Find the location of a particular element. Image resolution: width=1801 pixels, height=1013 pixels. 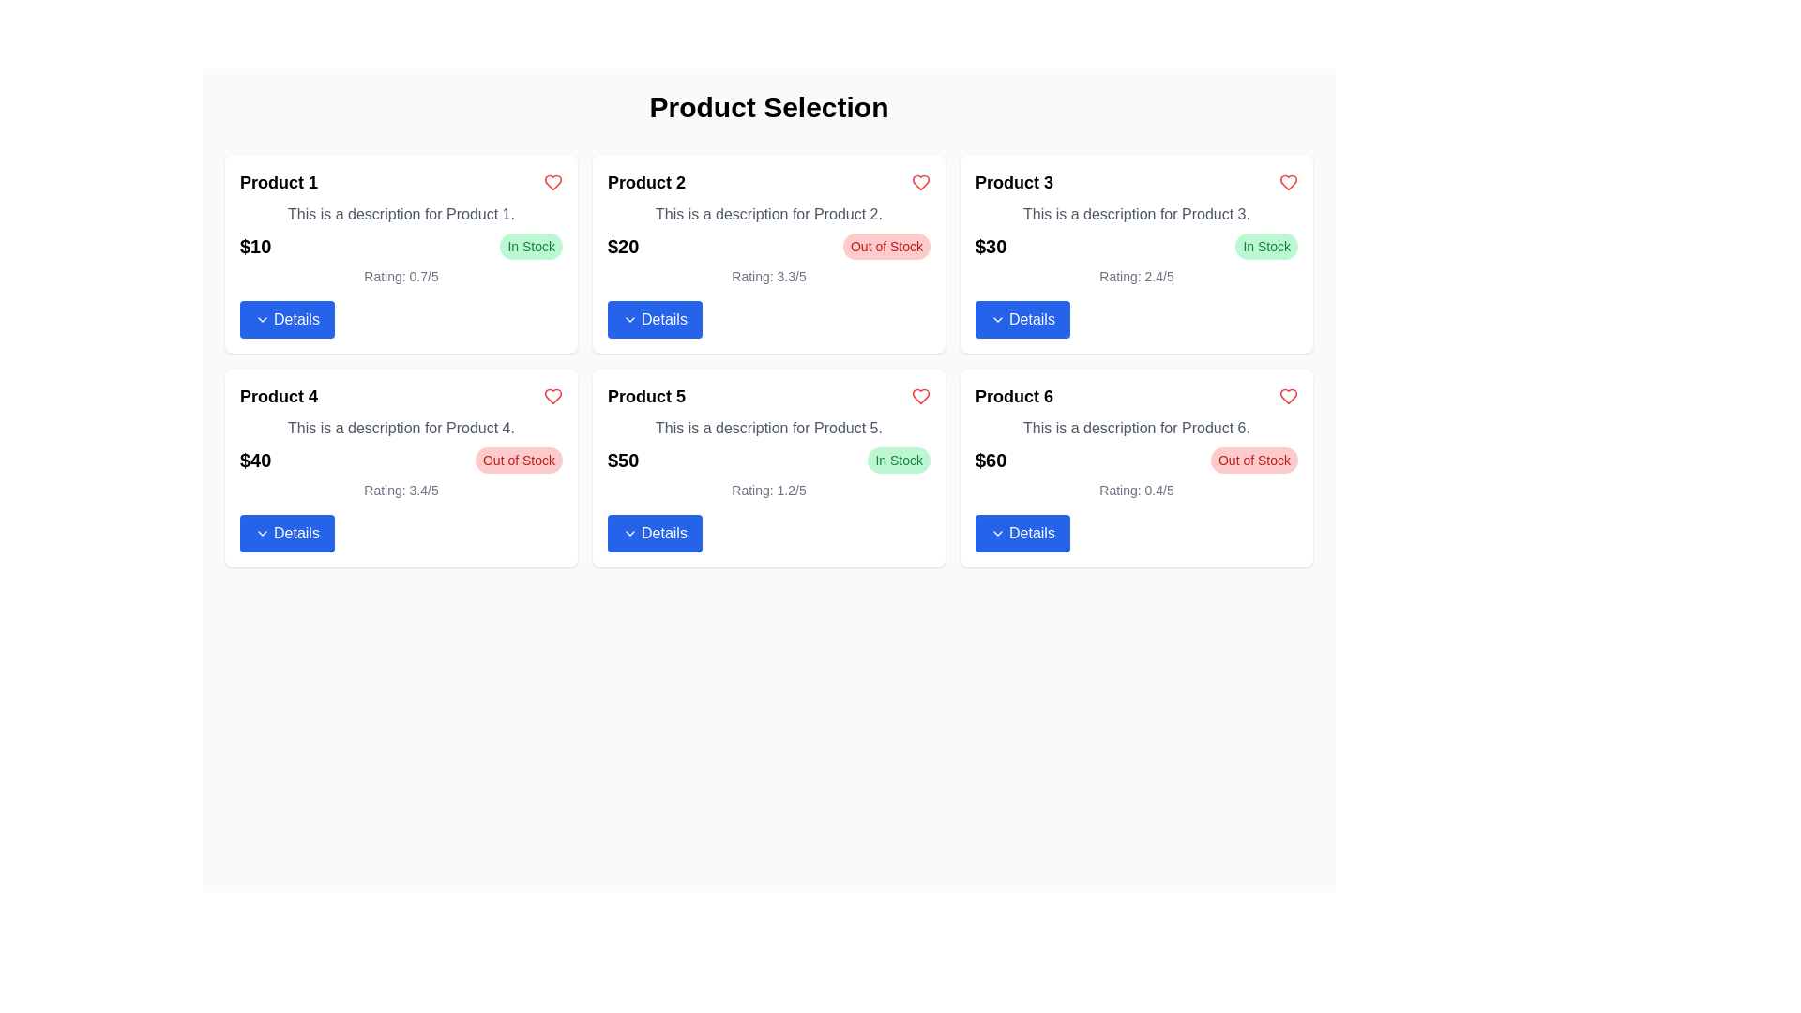

the small downward-pointing chevron icon, which is located at the center-right of the blue button labeled 'Details' below the 'Product 6' card in the grid is located at coordinates (997, 534).